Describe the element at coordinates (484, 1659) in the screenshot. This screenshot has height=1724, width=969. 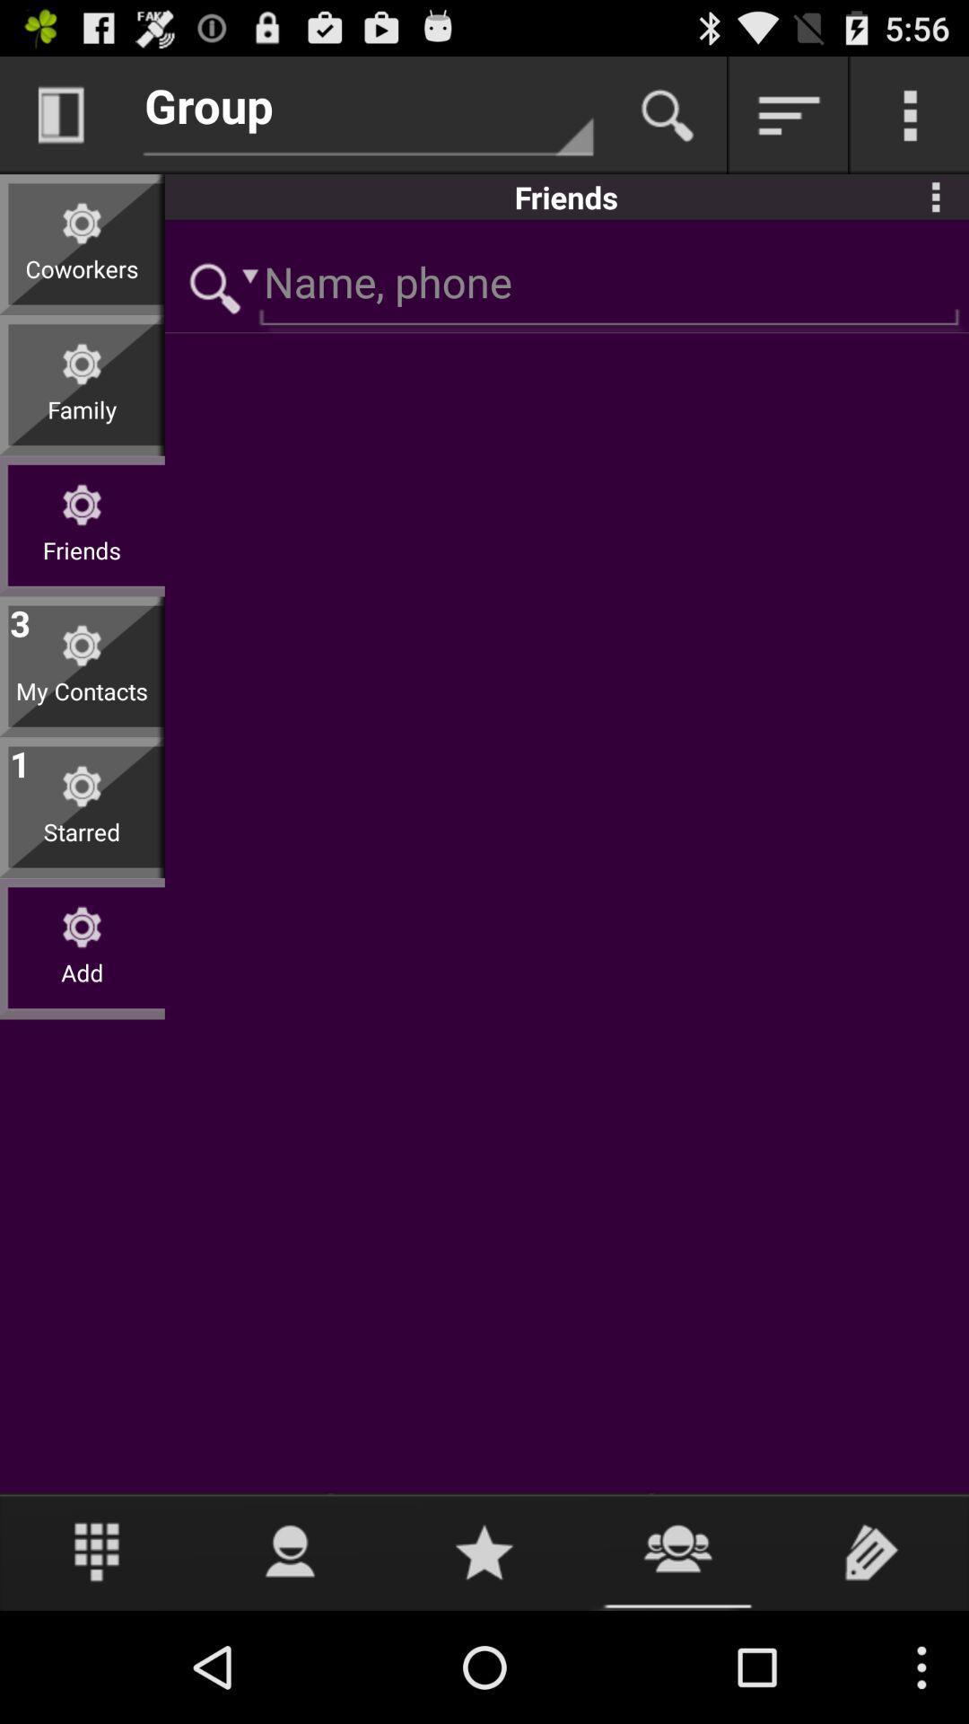
I see `the star icon` at that location.